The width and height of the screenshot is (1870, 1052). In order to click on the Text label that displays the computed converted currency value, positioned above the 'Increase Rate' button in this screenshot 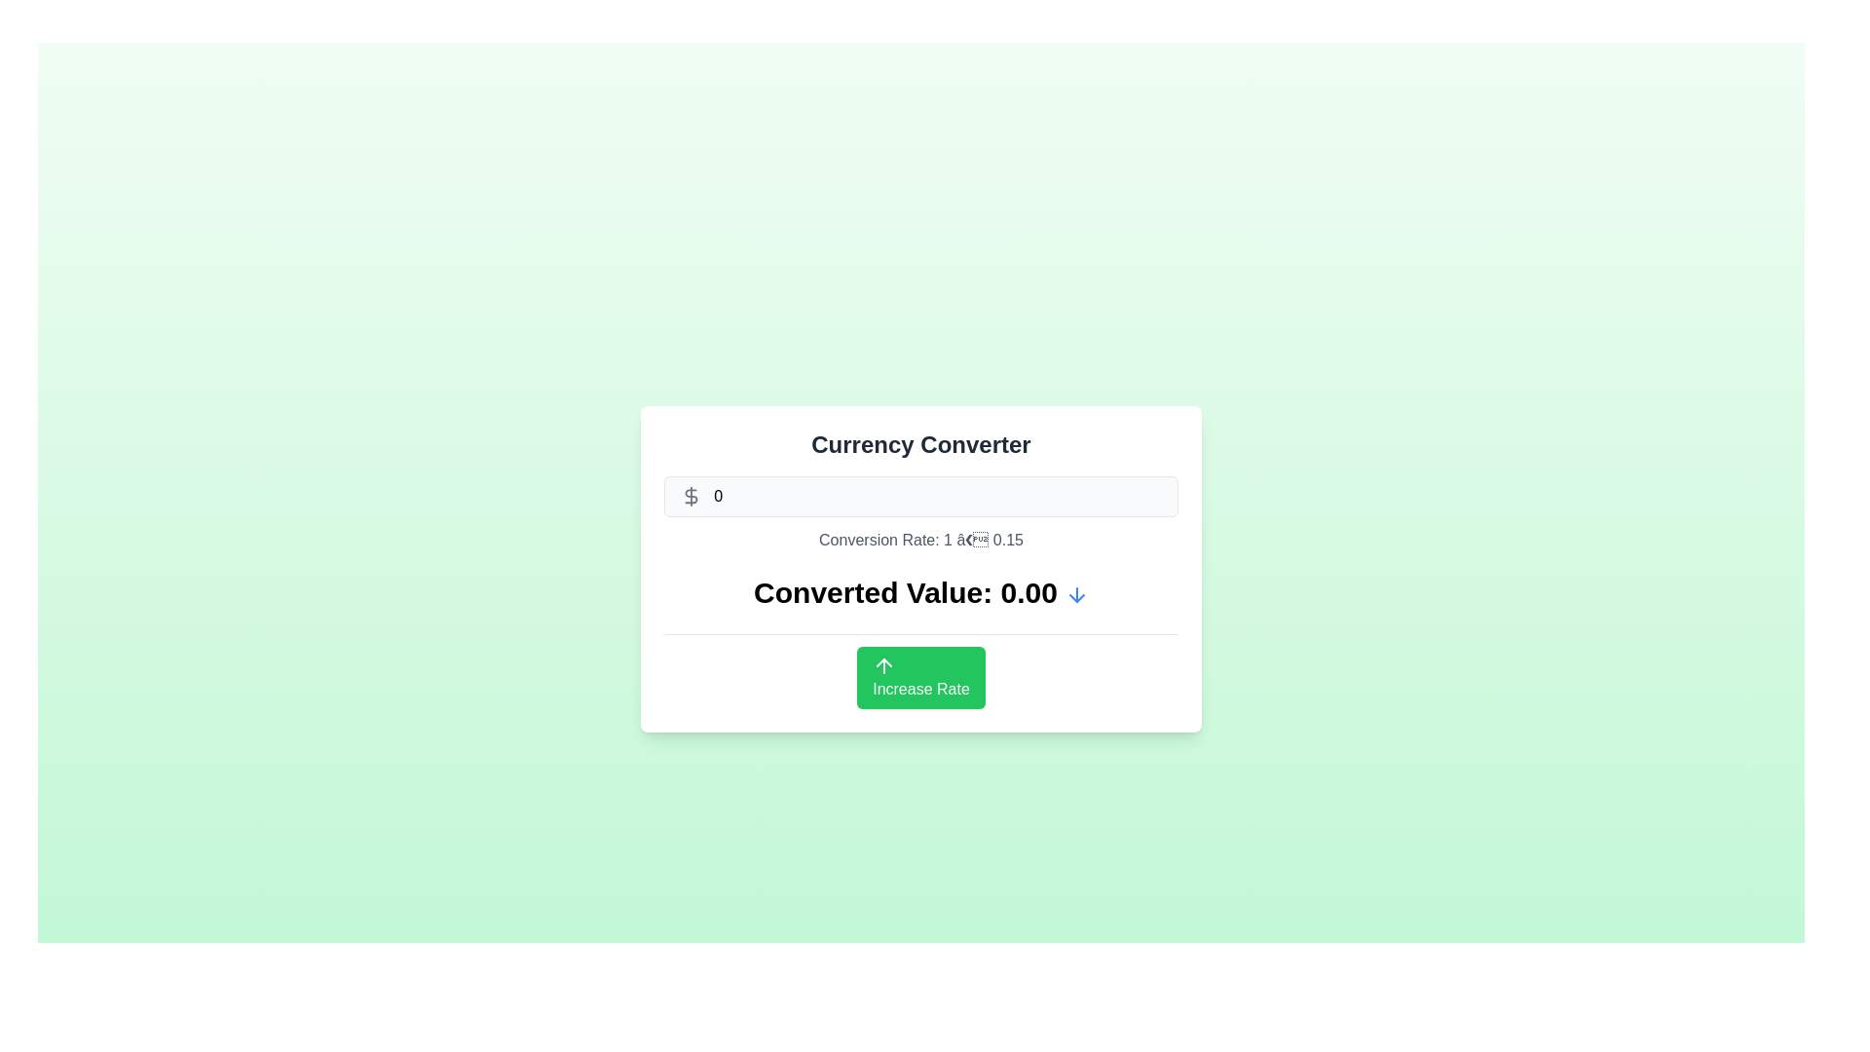, I will do `click(919, 591)`.